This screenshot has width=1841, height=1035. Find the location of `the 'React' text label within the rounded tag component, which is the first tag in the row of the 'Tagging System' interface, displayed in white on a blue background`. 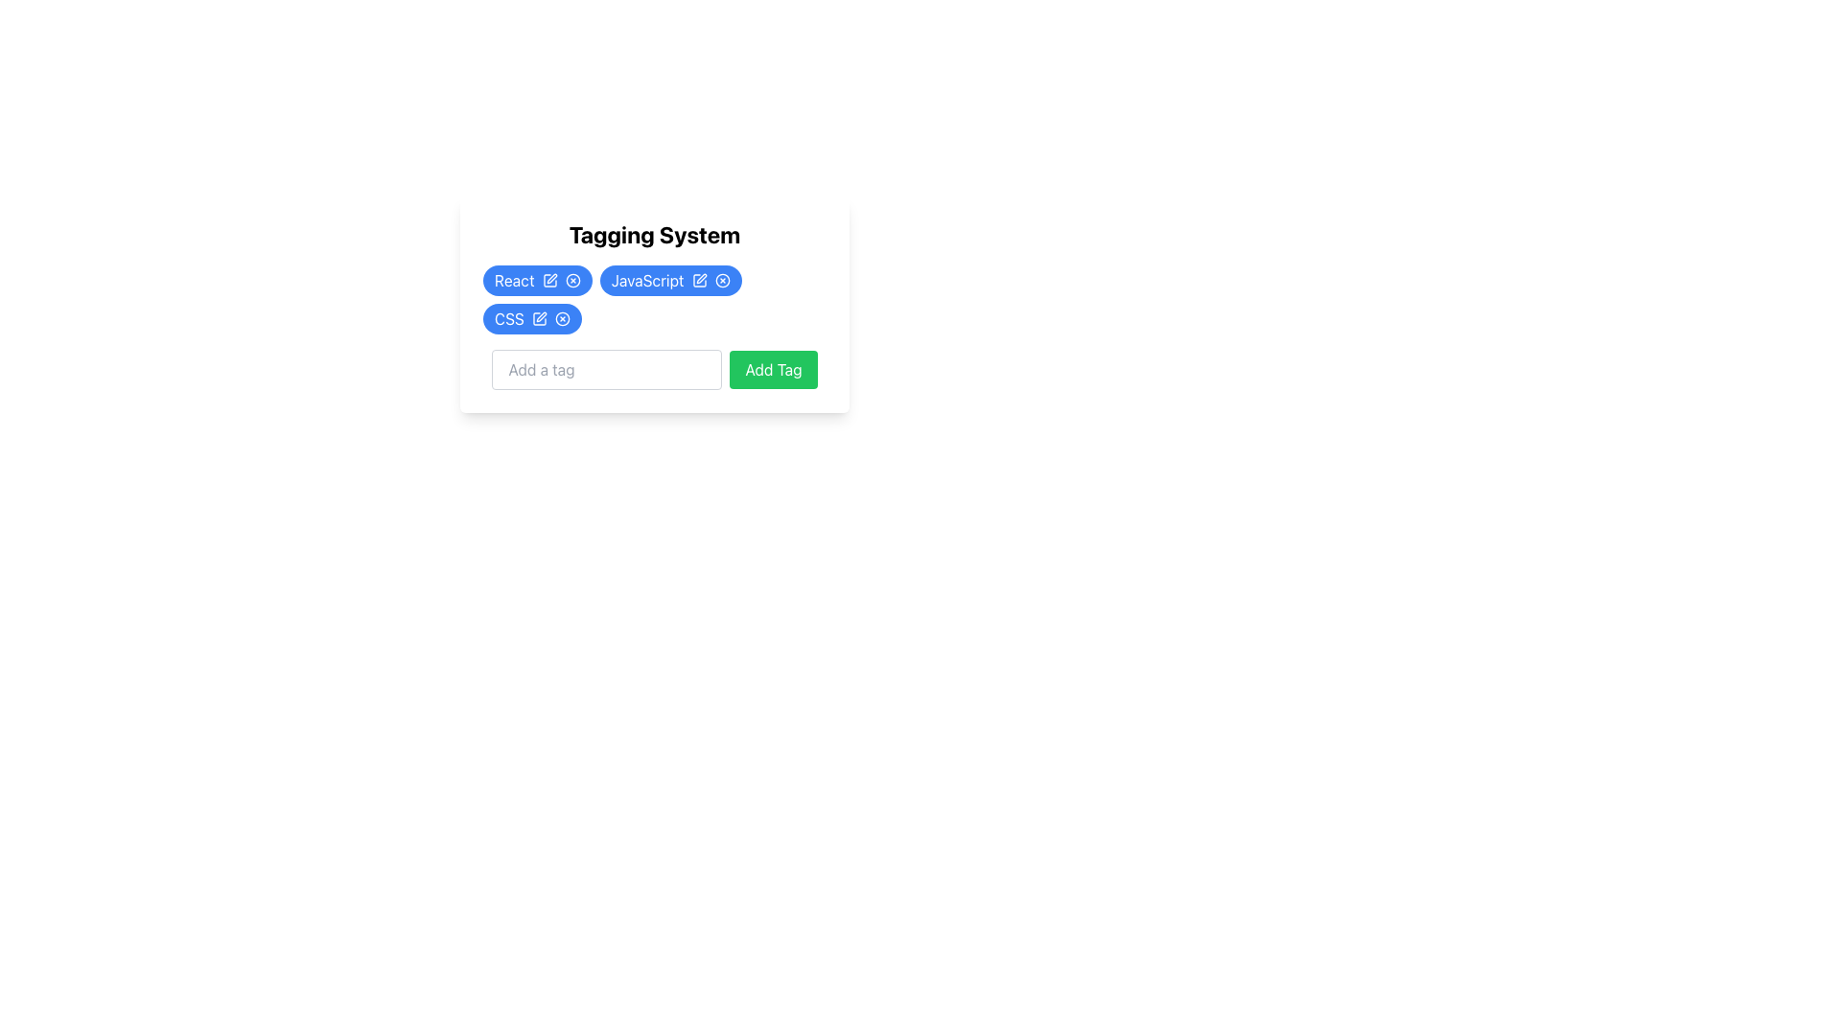

the 'React' text label within the rounded tag component, which is the first tag in the row of the 'Tagging System' interface, displayed in white on a blue background is located at coordinates (514, 281).